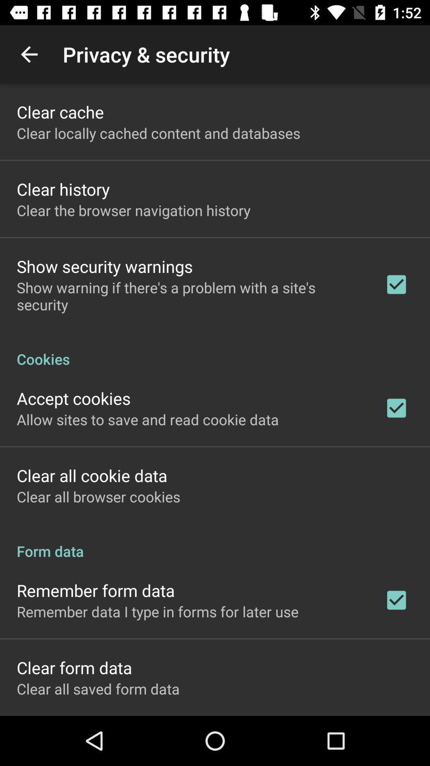 Image resolution: width=430 pixels, height=766 pixels. I want to click on icon below clear cache, so click(158, 133).